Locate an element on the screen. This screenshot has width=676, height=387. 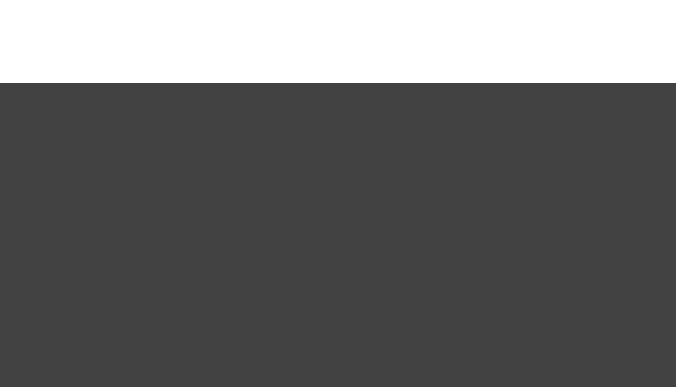
'25 min' is located at coordinates (468, 335).